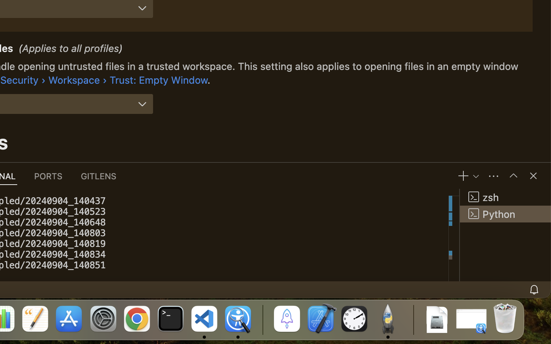 This screenshot has height=344, width=551. Describe the element at coordinates (505, 196) in the screenshot. I see `'zsh '` at that location.